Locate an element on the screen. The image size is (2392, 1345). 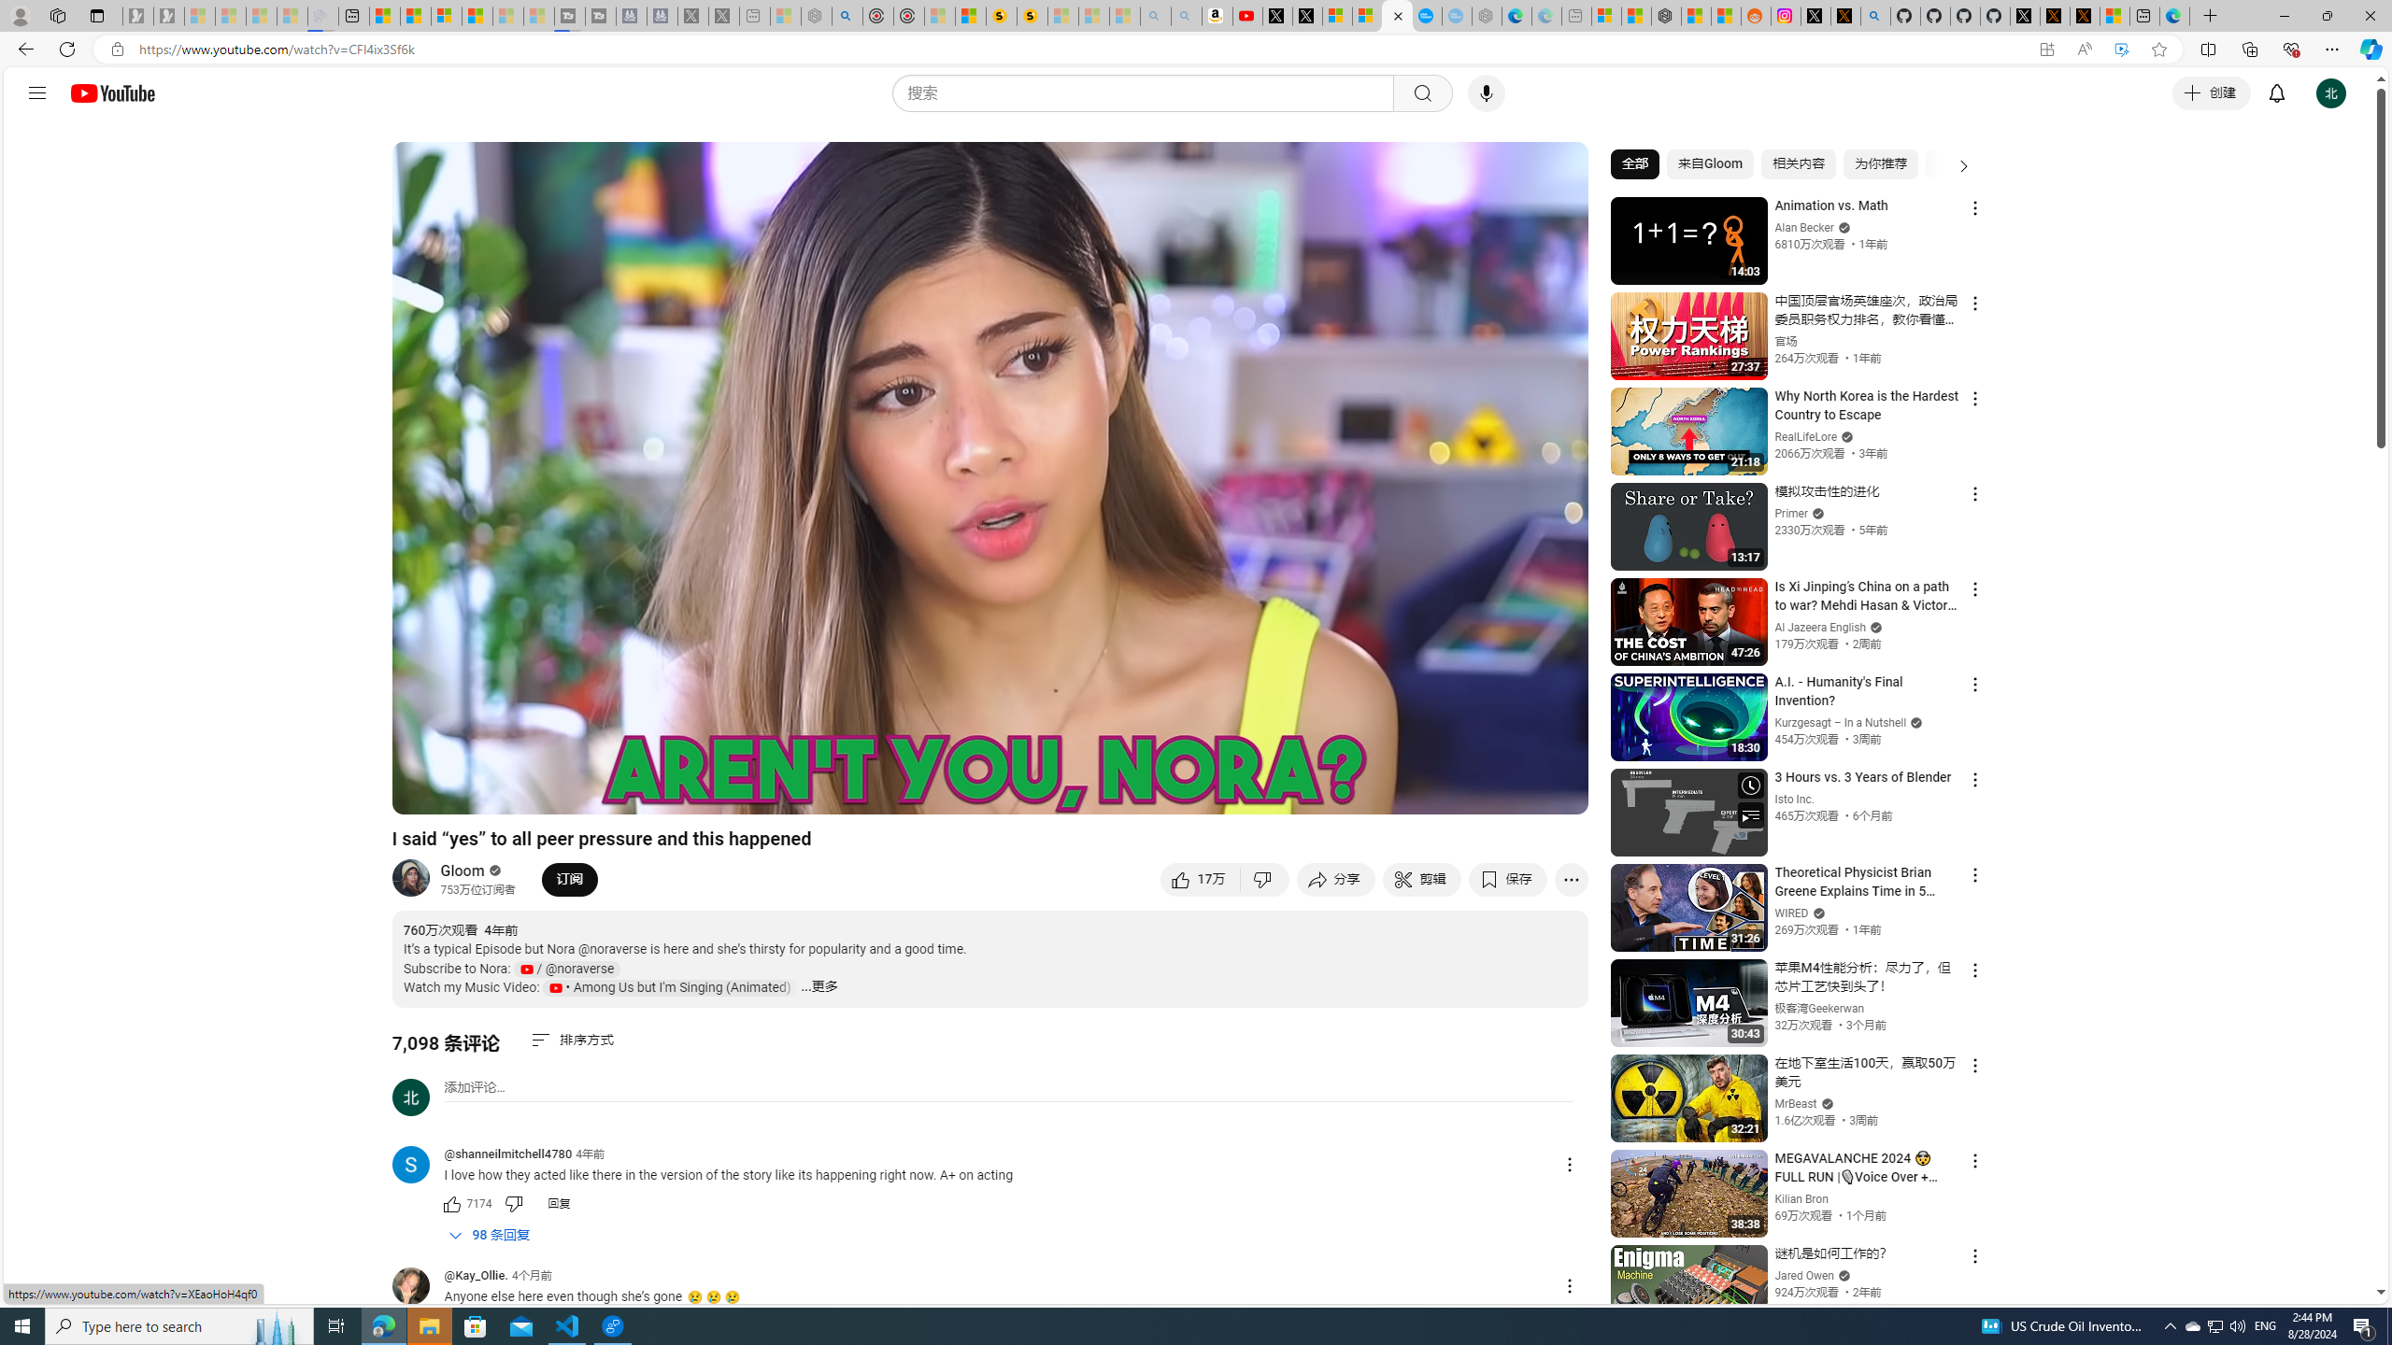
'Copilot (Ctrl+Shift+.)' is located at coordinates (2369, 48).